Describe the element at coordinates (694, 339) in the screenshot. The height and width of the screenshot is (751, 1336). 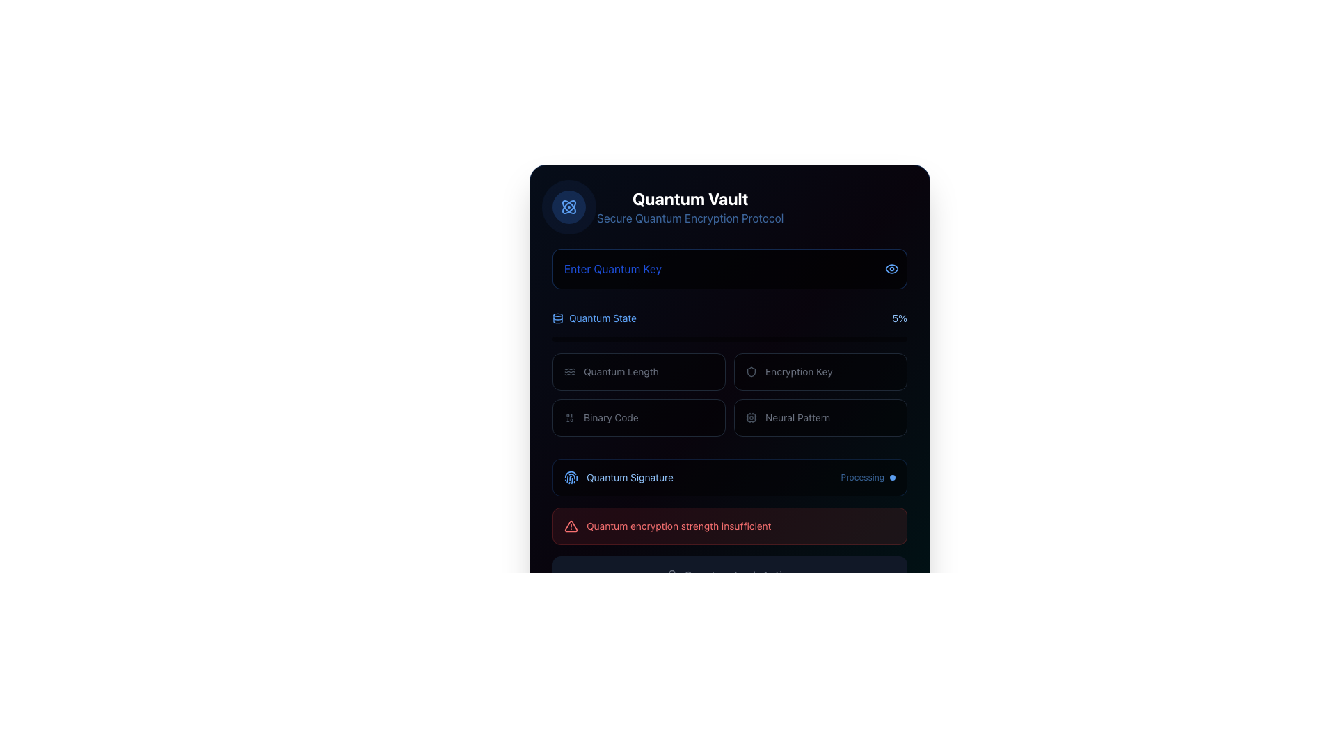
I see `the Quantum State slider` at that location.